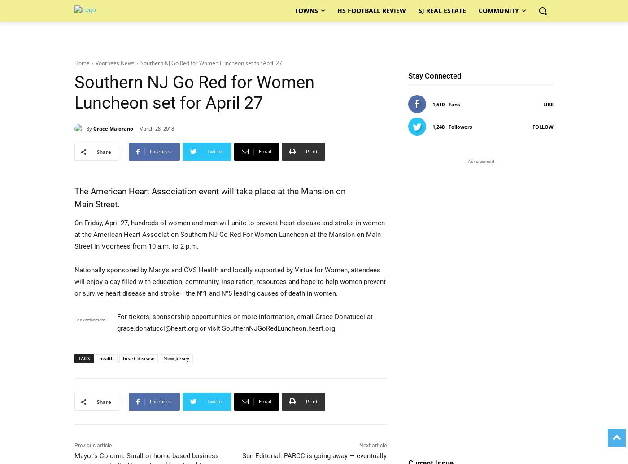 The width and height of the screenshot is (628, 464). What do you see at coordinates (454, 104) in the screenshot?
I see `'Fans'` at bounding box center [454, 104].